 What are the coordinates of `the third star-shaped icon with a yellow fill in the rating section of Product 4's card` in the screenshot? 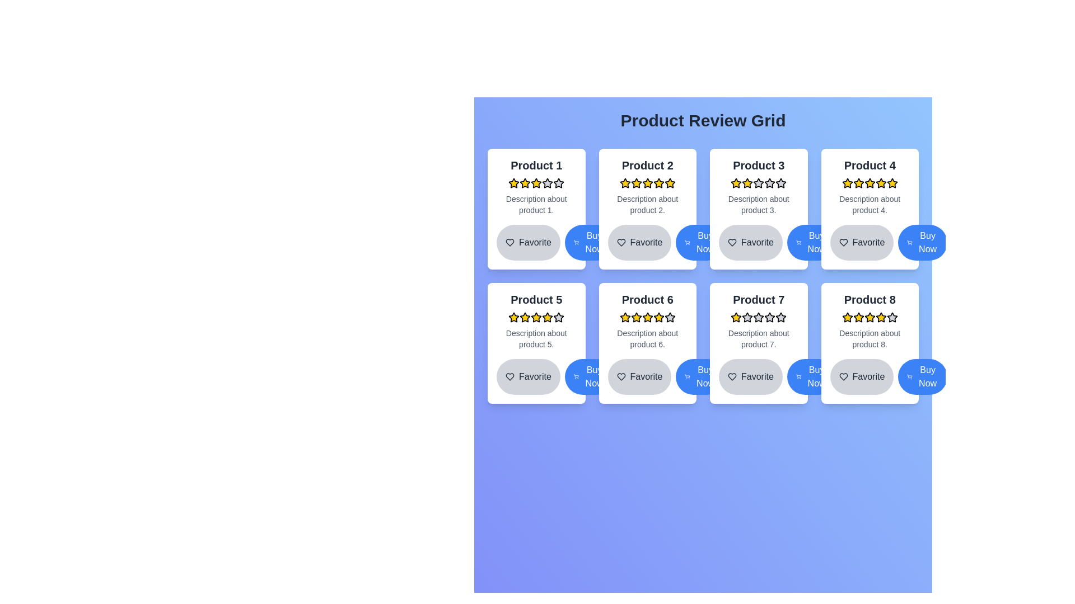 It's located at (858, 182).